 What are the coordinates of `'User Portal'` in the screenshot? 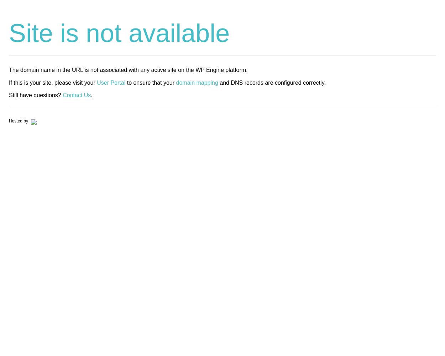 It's located at (111, 82).